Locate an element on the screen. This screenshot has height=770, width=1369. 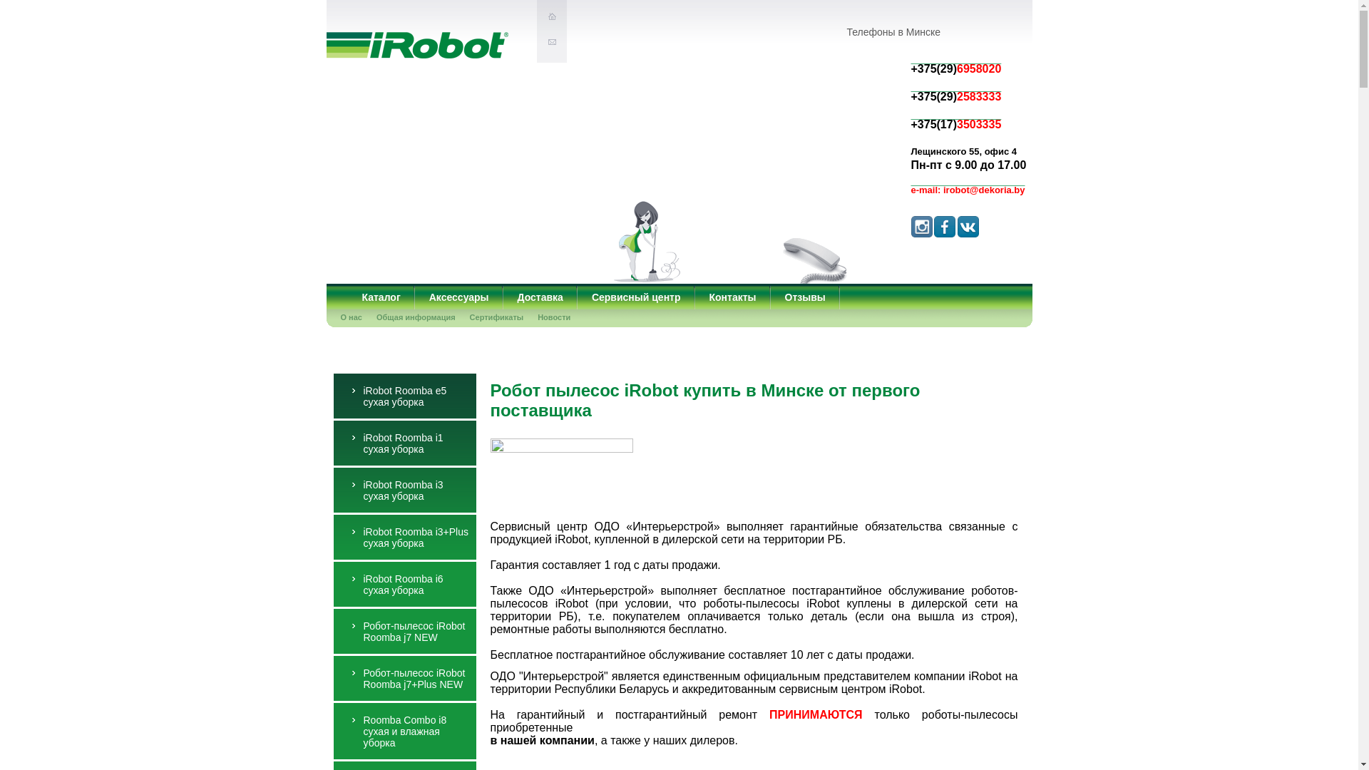
'+375(17)3503335' is located at coordinates (910, 113).